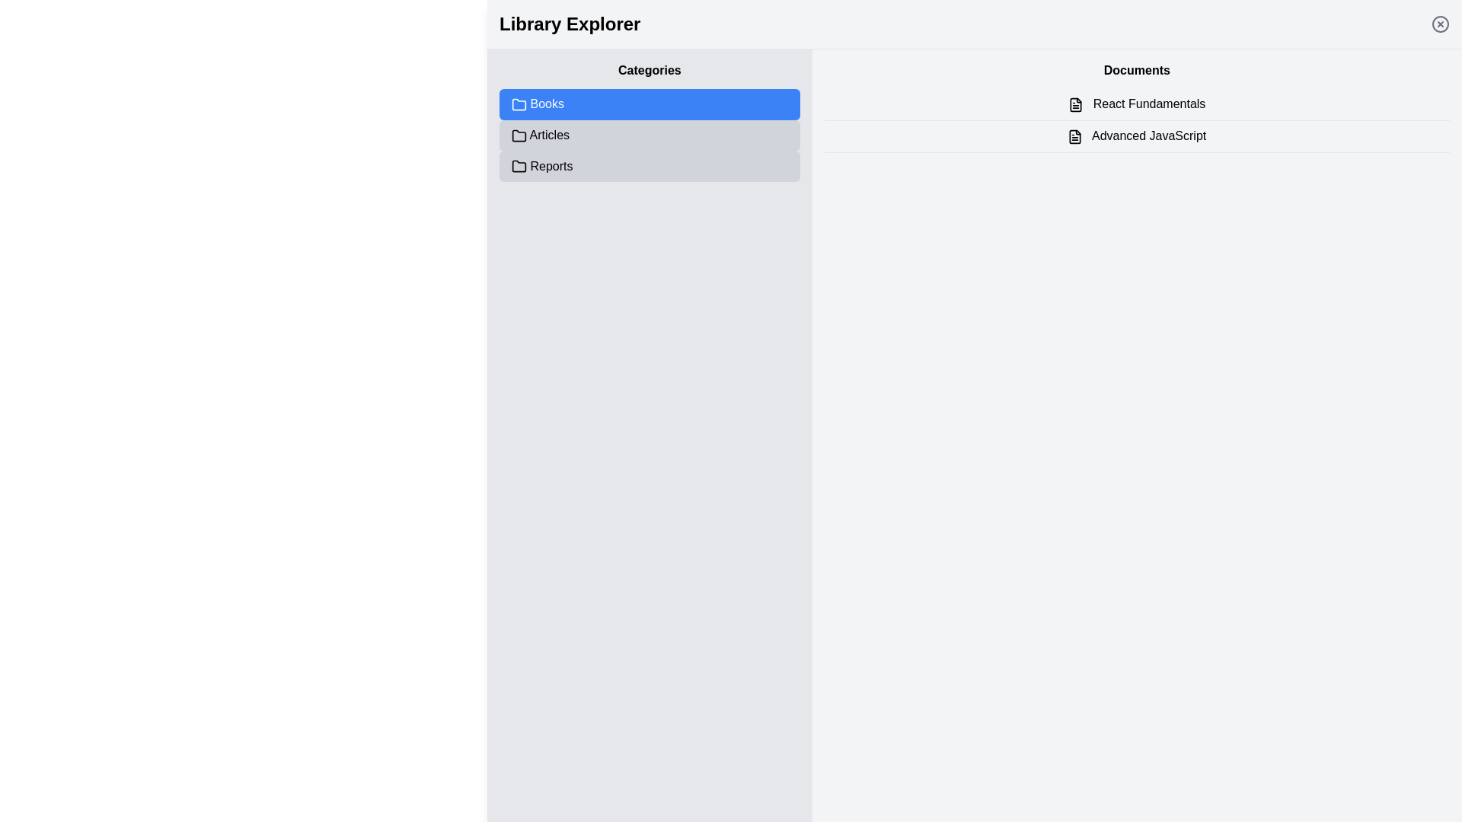  I want to click on the 'Reports' icon in the left sidebar's category list, which visually signifies the 'Reports' category and is positioned in the third row adjacent to its label, so click(519, 166).